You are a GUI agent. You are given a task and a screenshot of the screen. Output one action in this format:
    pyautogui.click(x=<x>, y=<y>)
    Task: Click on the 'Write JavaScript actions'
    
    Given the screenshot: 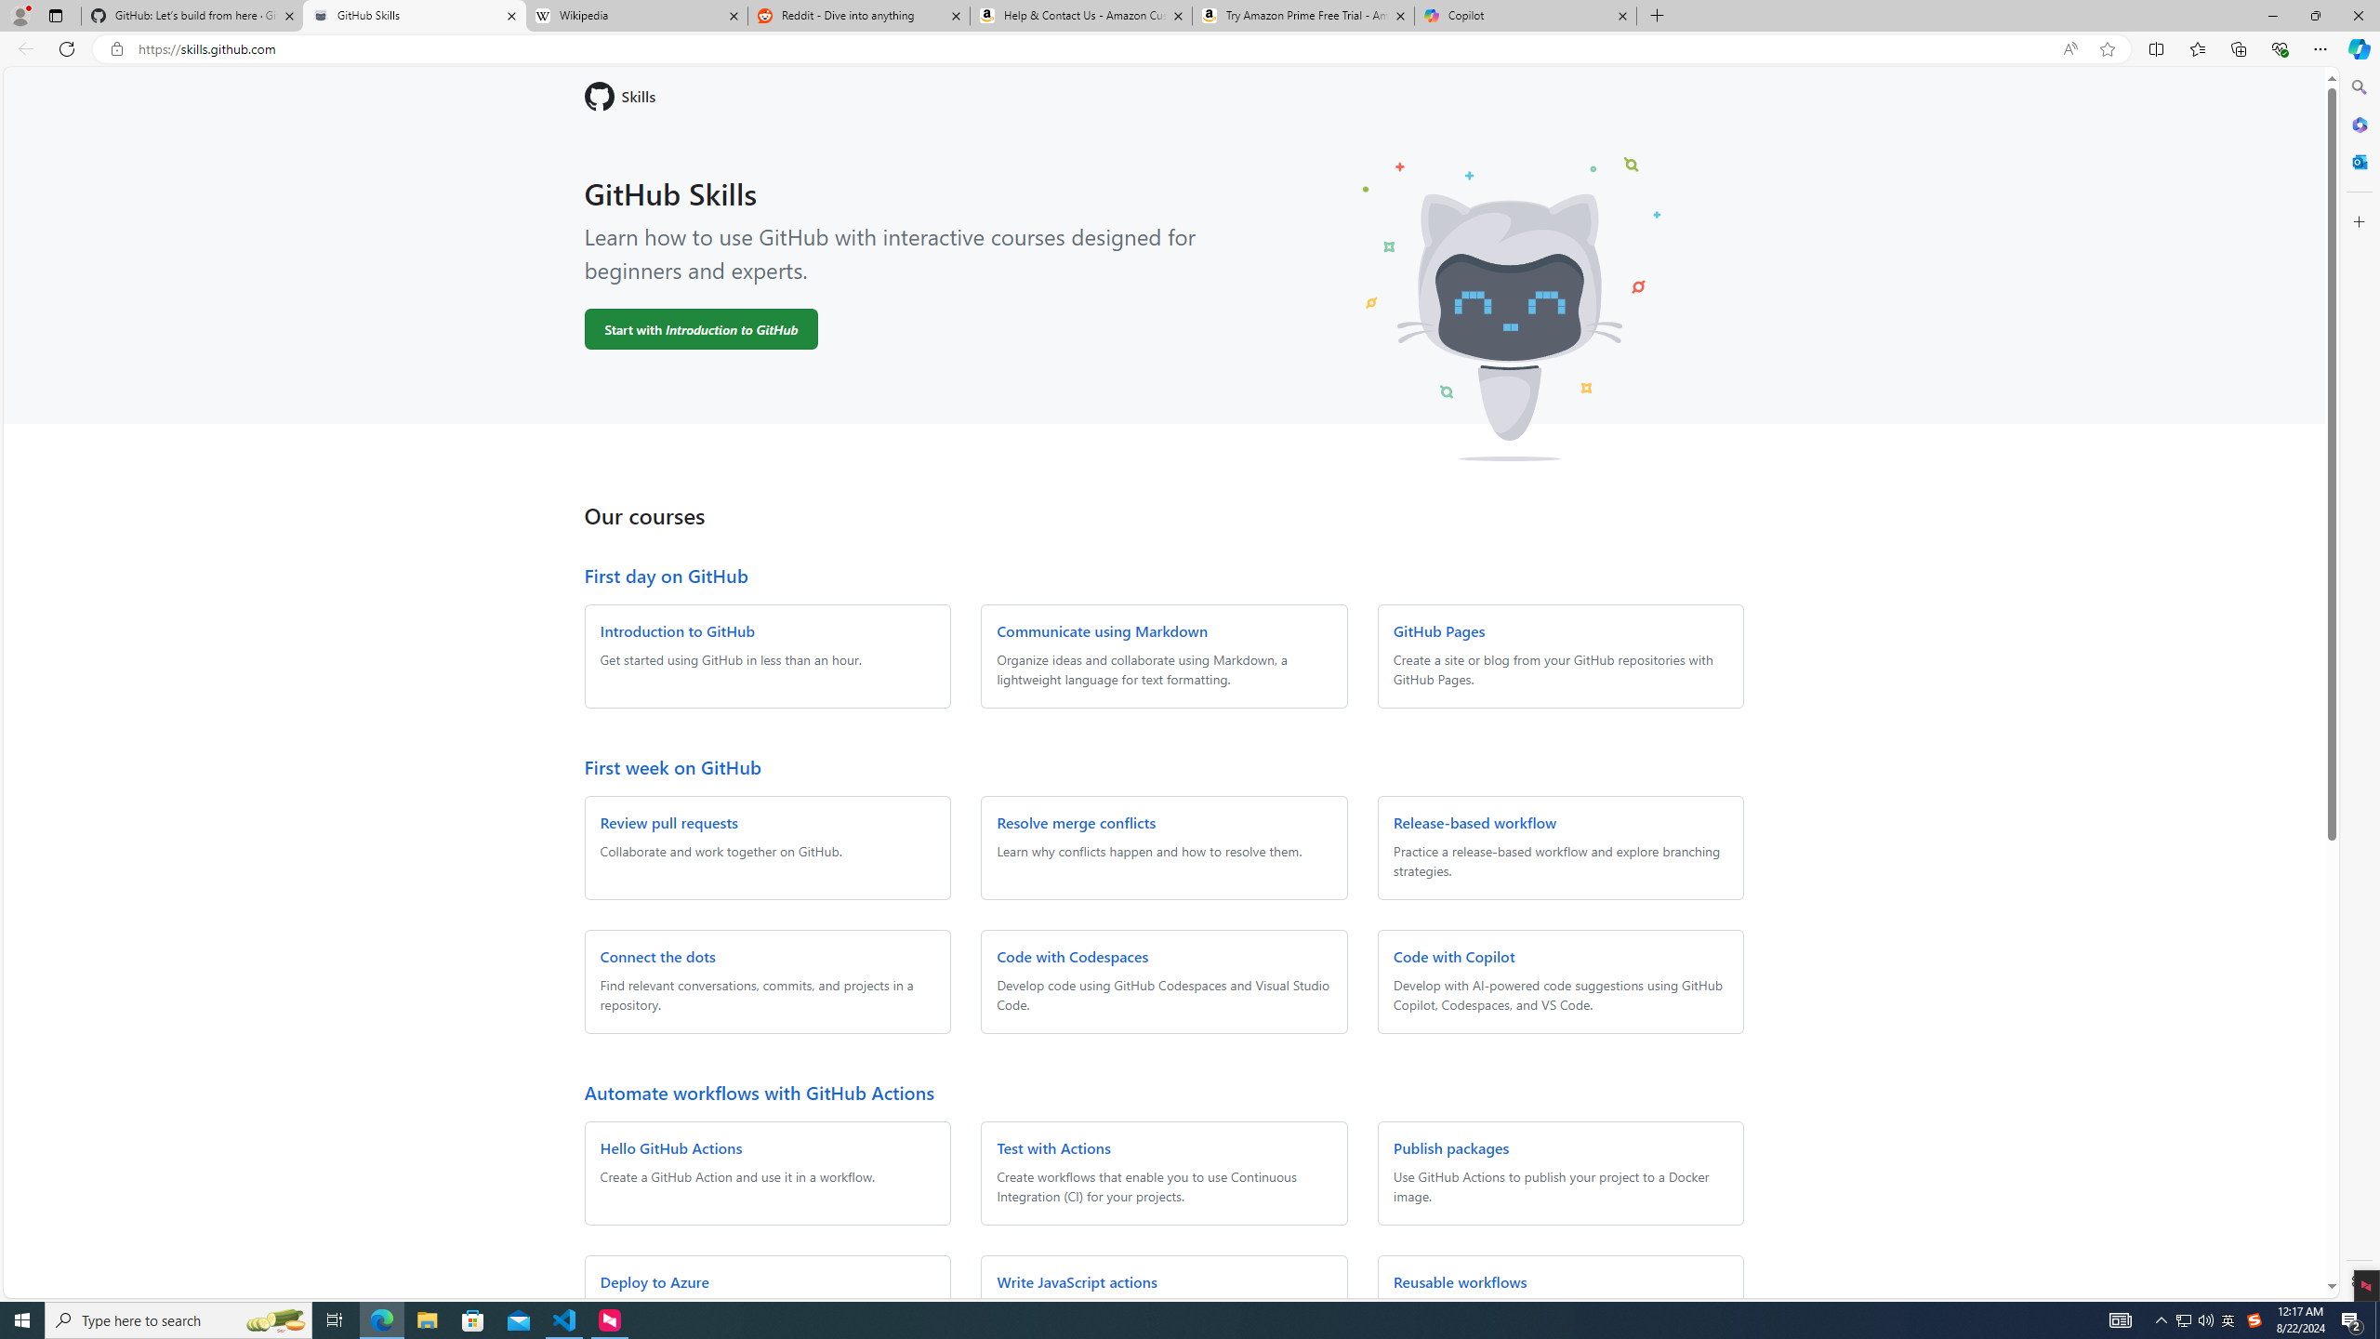 What is the action you would take?
    pyautogui.click(x=1076, y=1281)
    